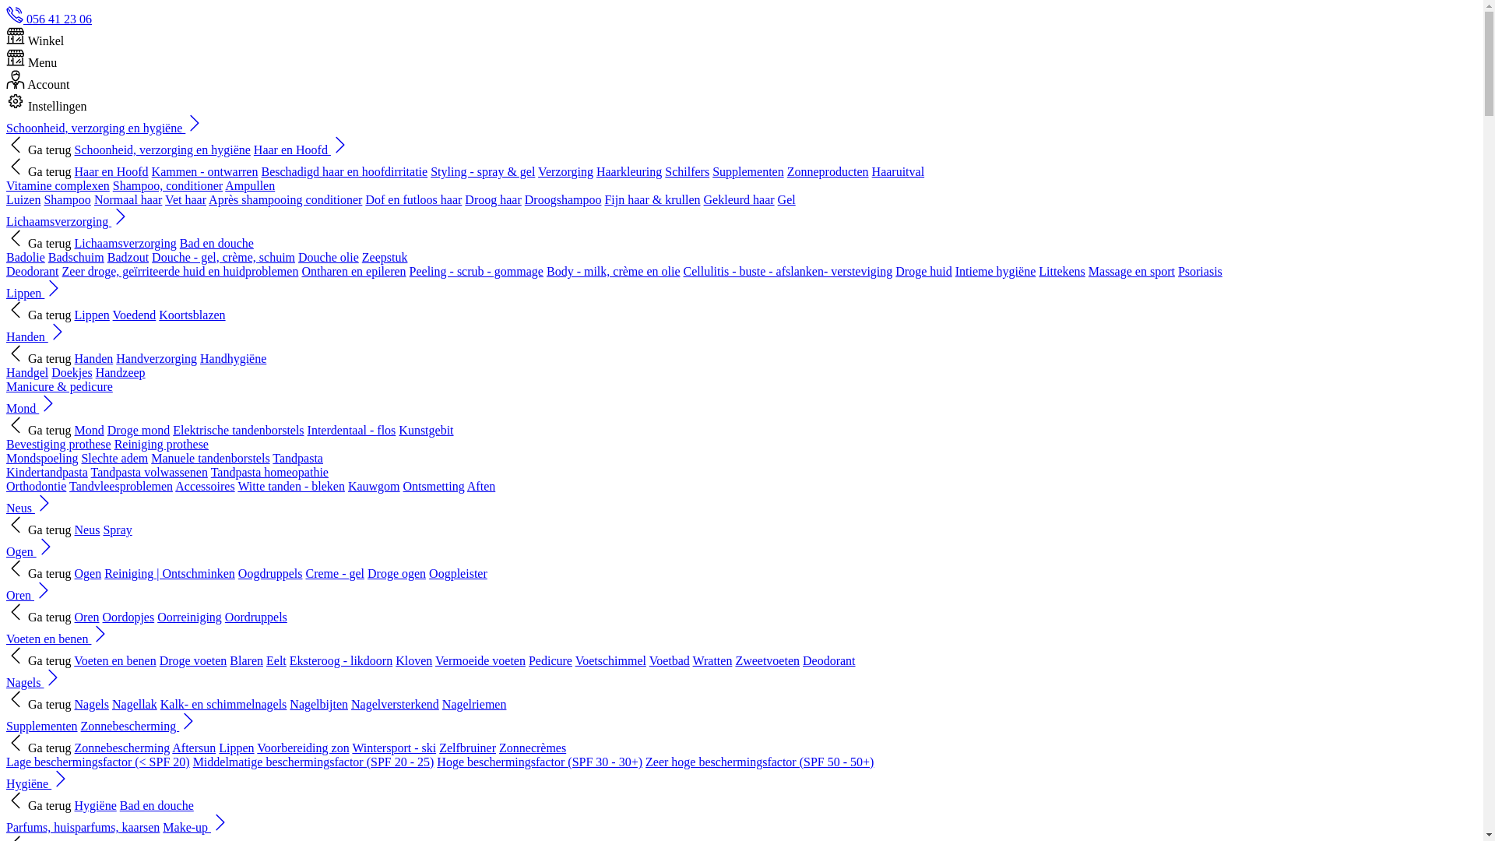 This screenshot has height=841, width=1495. Describe the element at coordinates (256, 616) in the screenshot. I see `'Oordruppels'` at that location.